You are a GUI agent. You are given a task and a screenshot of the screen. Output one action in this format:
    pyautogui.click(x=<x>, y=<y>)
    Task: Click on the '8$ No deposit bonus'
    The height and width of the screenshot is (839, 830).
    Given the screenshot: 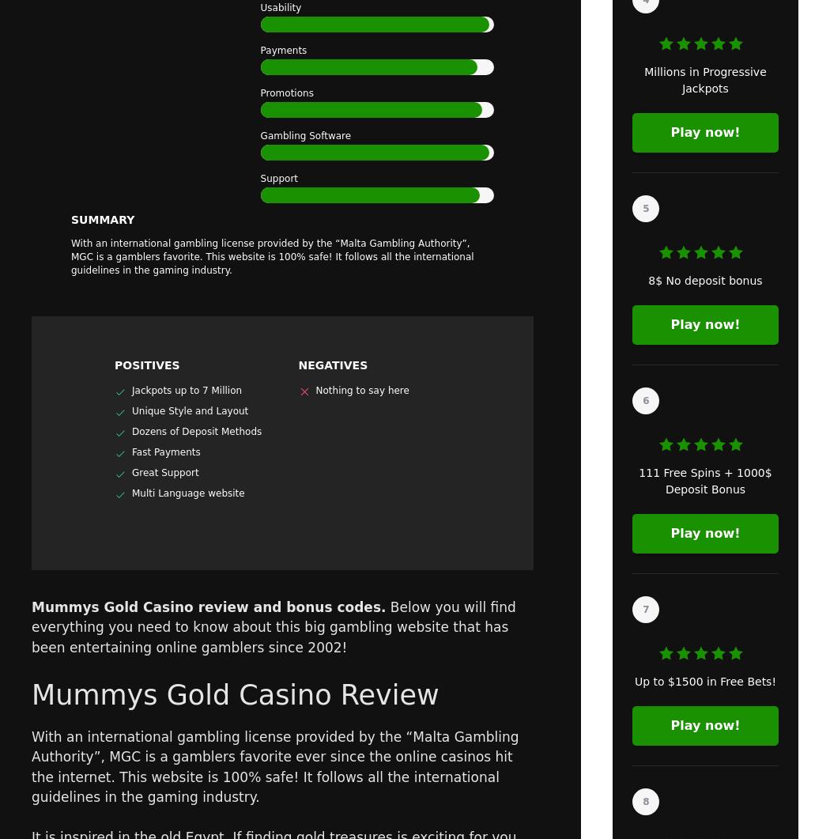 What is the action you would take?
    pyautogui.click(x=704, y=281)
    